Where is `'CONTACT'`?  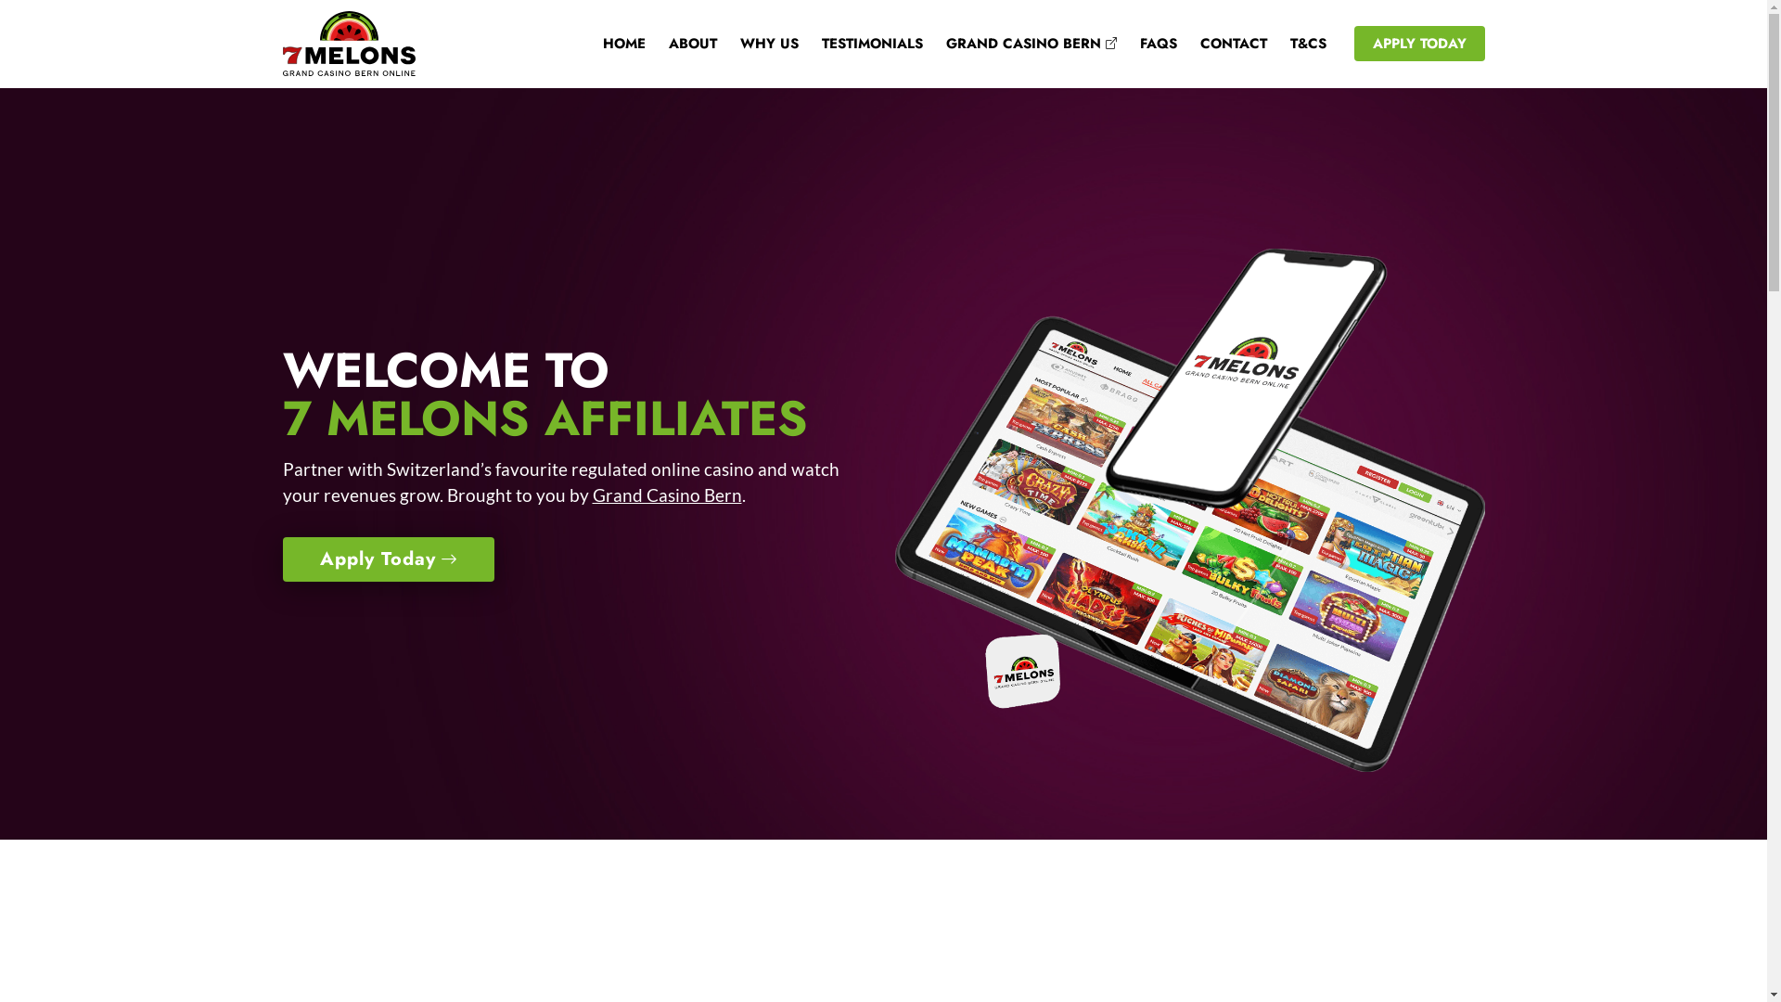
'CONTACT' is located at coordinates (1221, 43).